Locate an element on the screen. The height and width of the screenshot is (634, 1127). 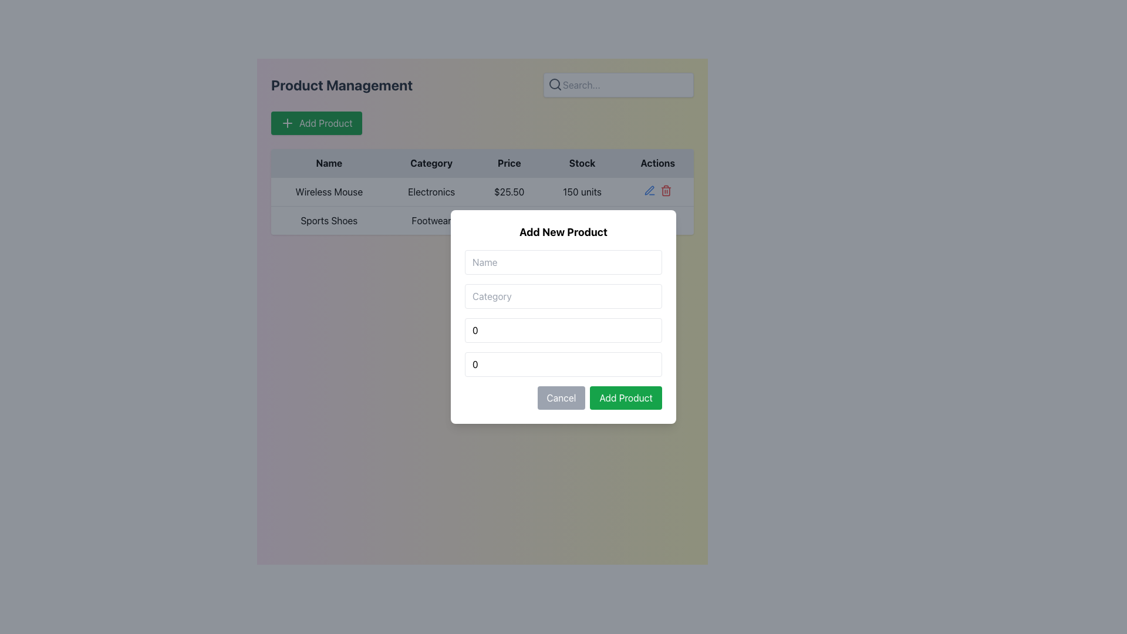
the text within the first row of the 'Product Management' table containing 'Wireless Mouse', 'Electronics', '$25.50', and '150 units' is located at coordinates (482, 191).